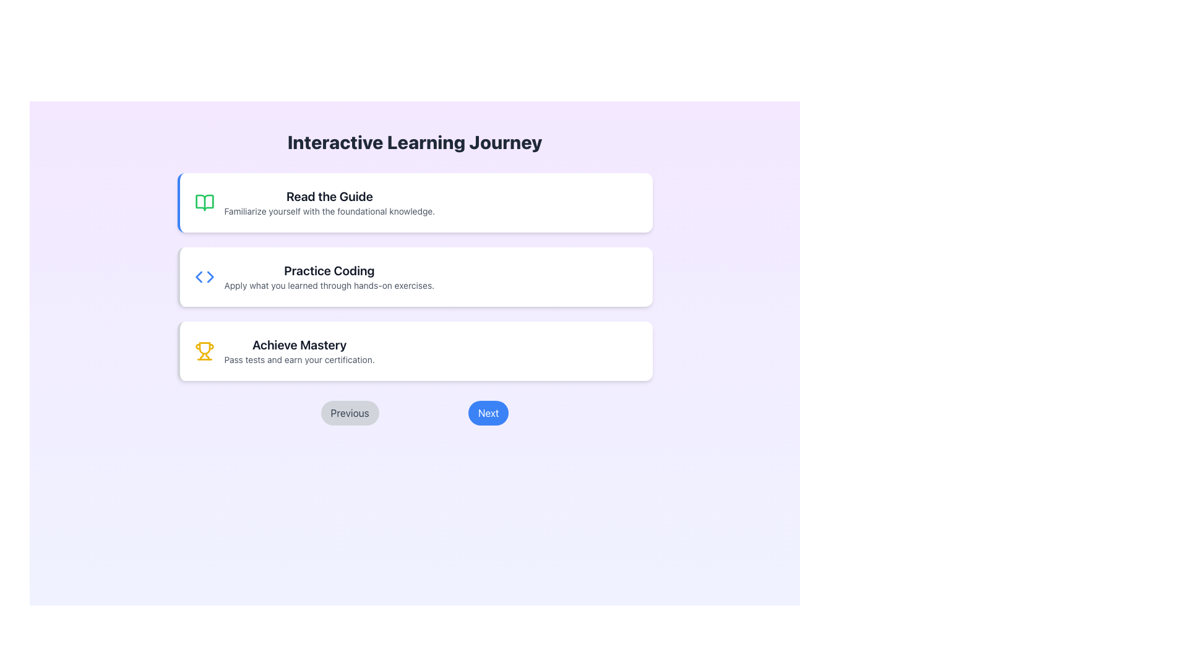 The height and width of the screenshot is (668, 1188). What do you see at coordinates (415, 142) in the screenshot?
I see `the text element reading 'Interactive Learning Journey', which is styled in a large, bold font and located at the top center of the interface` at bounding box center [415, 142].